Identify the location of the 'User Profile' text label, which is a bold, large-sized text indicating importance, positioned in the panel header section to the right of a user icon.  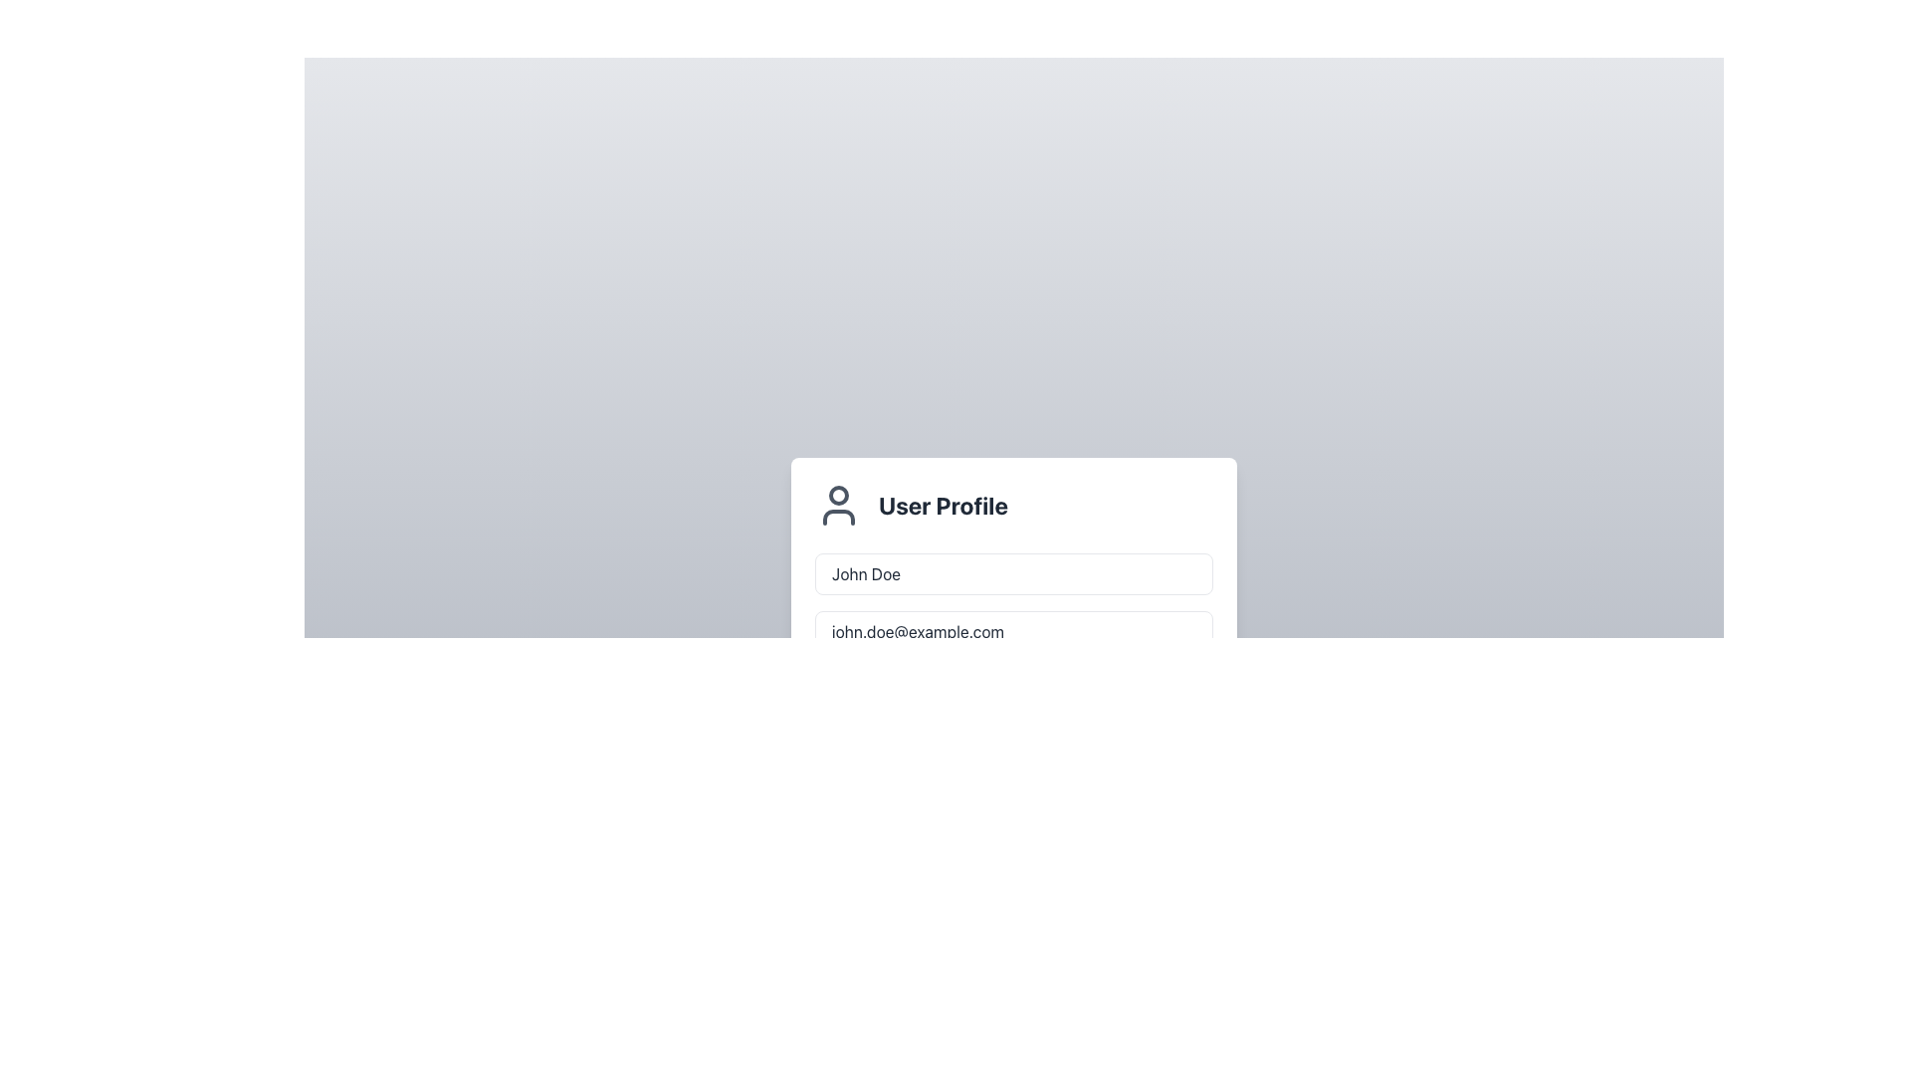
(943, 505).